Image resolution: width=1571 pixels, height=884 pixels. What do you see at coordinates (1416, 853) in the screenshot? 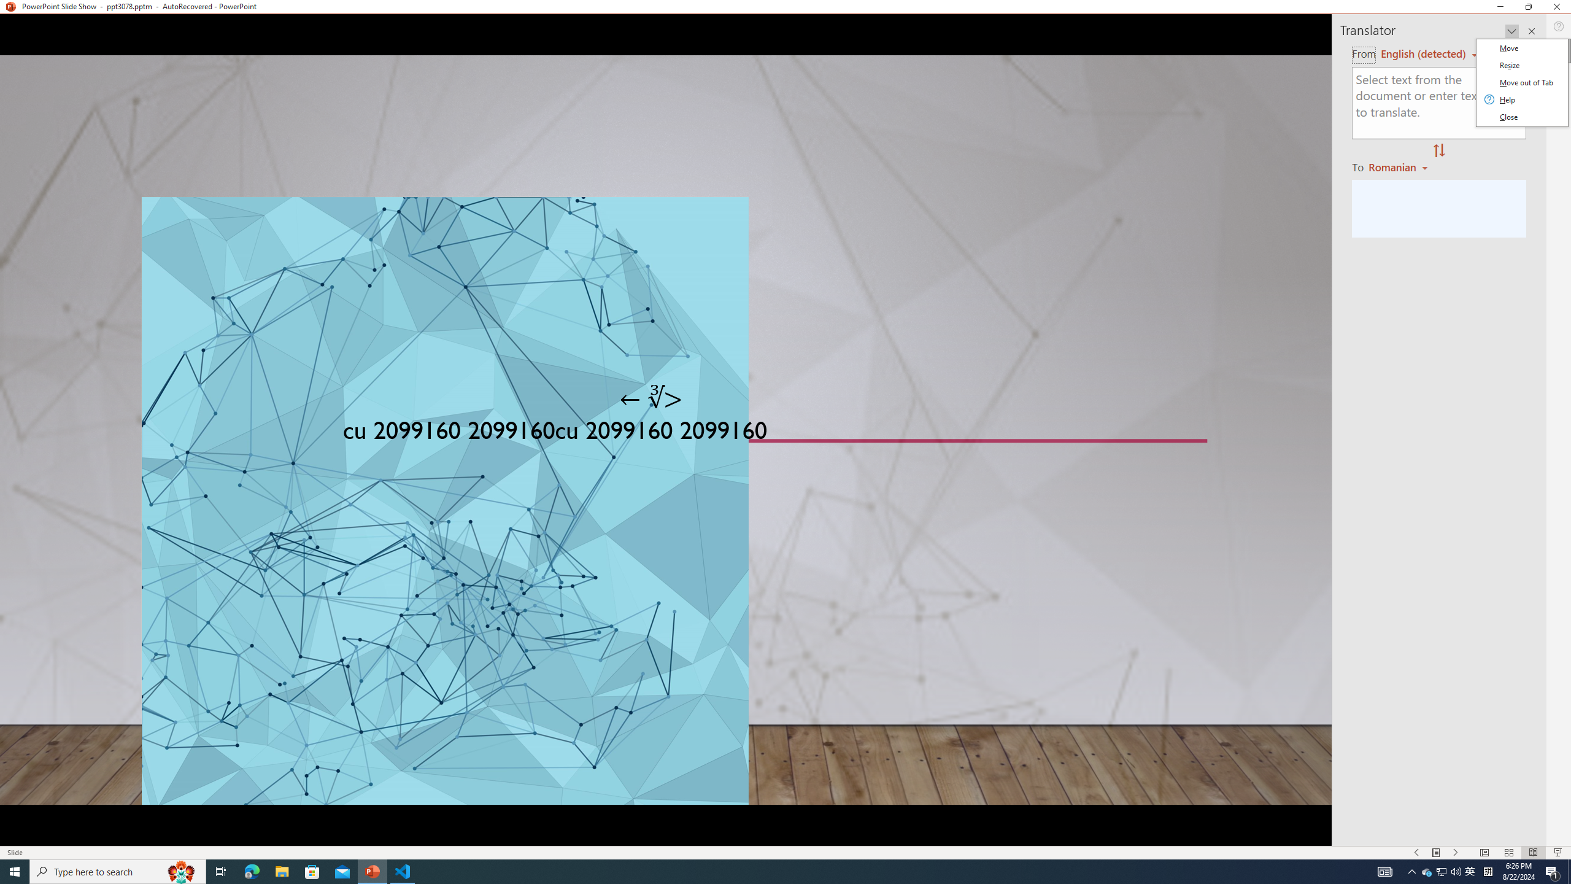
I see `'Menu On'` at bounding box center [1416, 853].